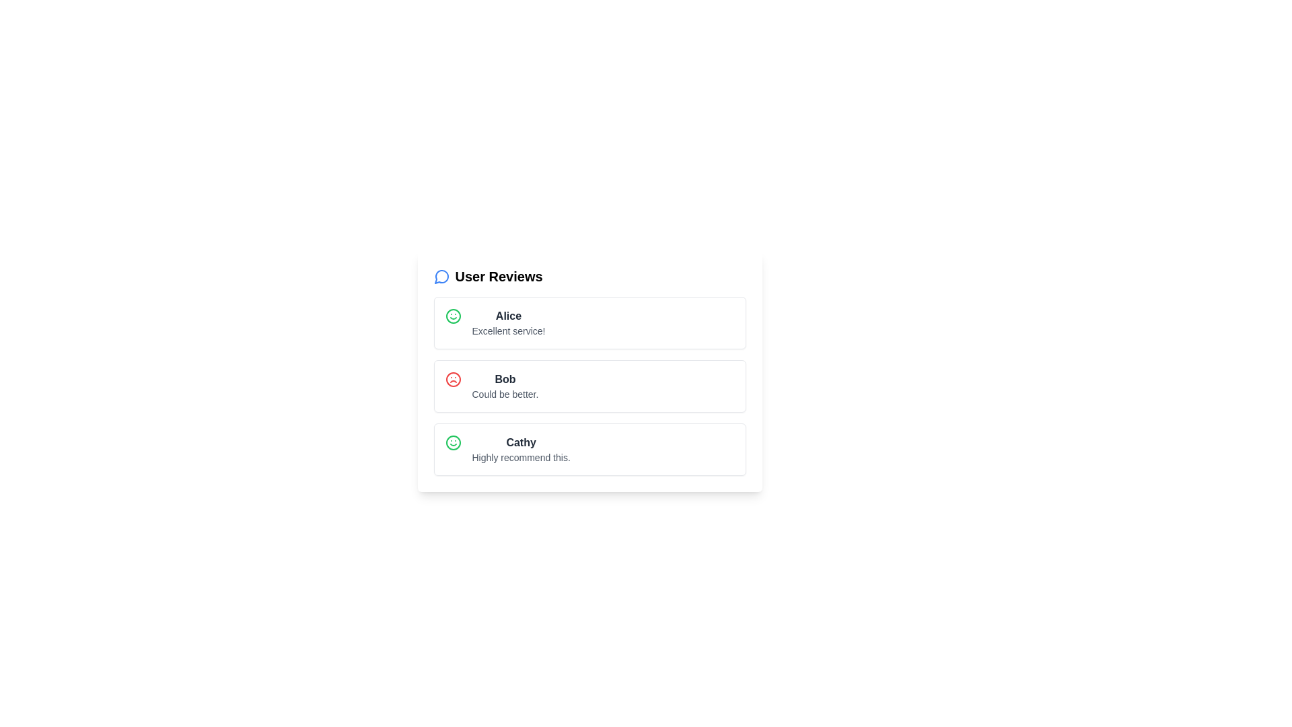 This screenshot has width=1292, height=727. What do you see at coordinates (453, 316) in the screenshot?
I see `the rating icon corresponding to Alice` at bounding box center [453, 316].